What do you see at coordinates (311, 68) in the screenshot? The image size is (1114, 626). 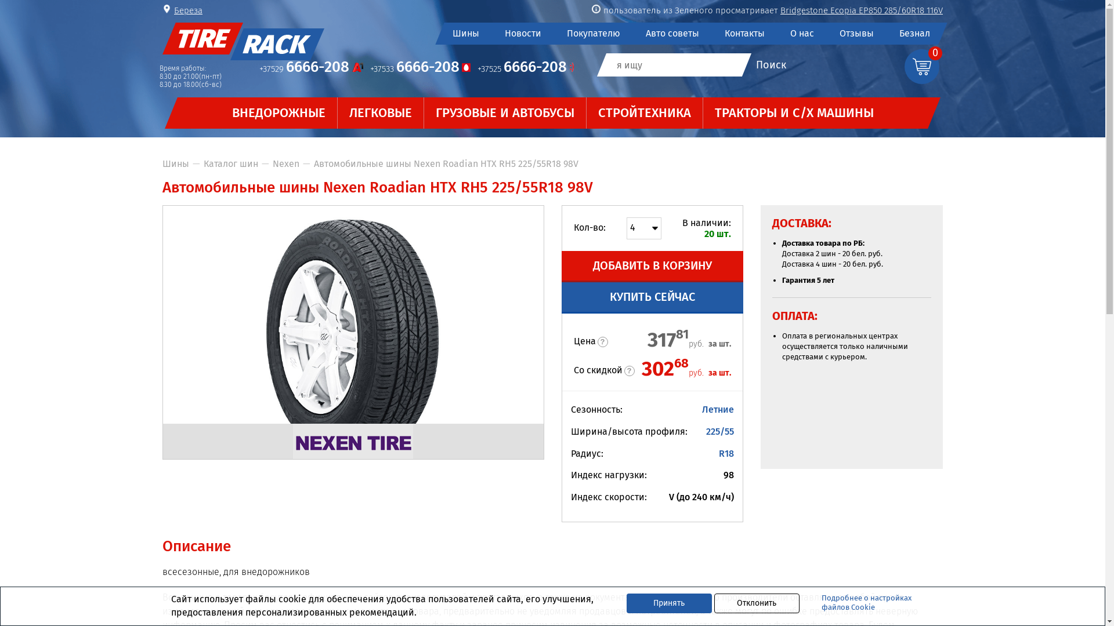 I see `'+37529 6666-208'` at bounding box center [311, 68].